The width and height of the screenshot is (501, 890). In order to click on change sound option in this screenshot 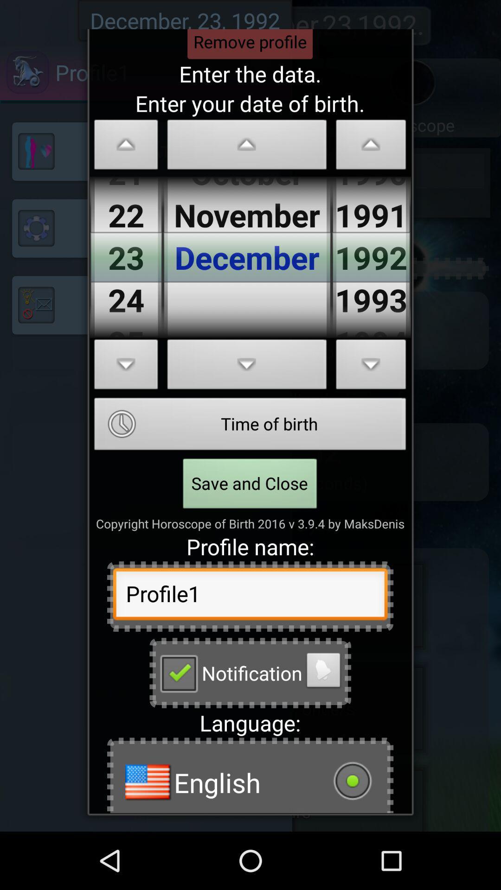, I will do `click(323, 673)`.